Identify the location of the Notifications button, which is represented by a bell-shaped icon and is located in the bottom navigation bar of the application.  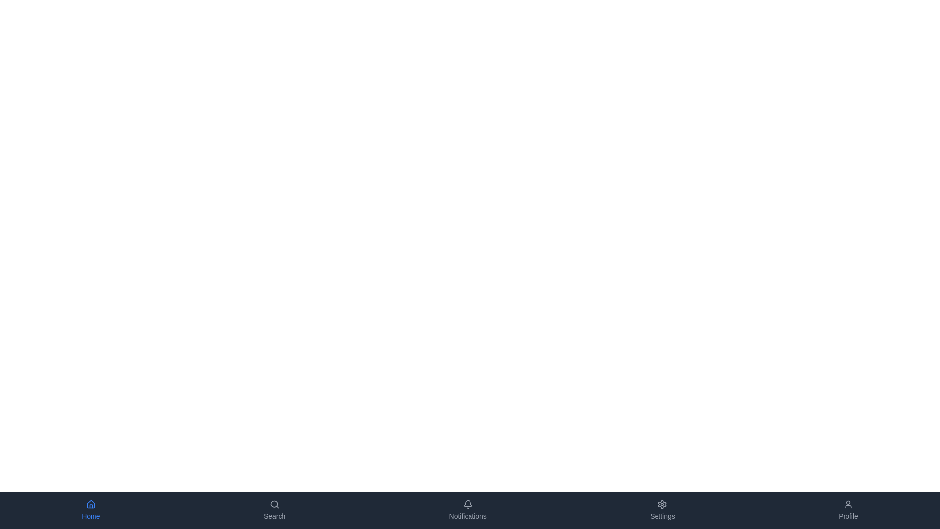
(467, 509).